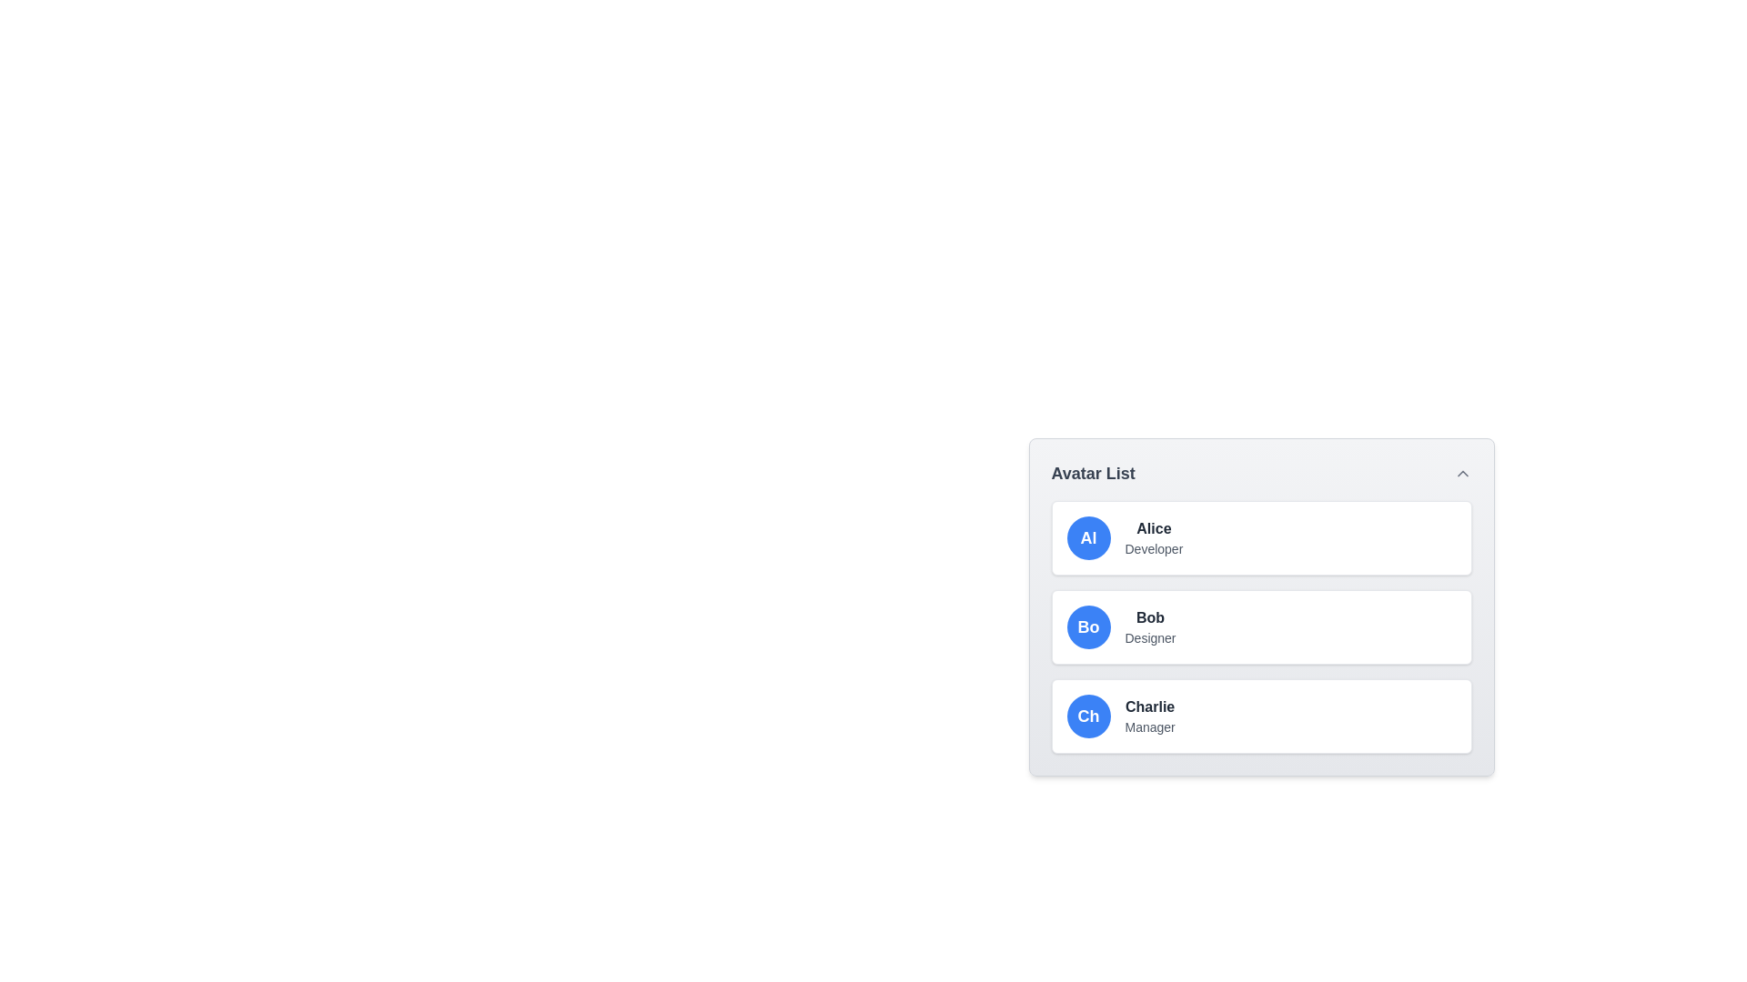 This screenshot has height=982, width=1747. I want to click on the second card element in the Avatar List which displays user information, featuring a blue avatar with 'Bo' and the name 'Bob' in bold, so click(1260, 626).